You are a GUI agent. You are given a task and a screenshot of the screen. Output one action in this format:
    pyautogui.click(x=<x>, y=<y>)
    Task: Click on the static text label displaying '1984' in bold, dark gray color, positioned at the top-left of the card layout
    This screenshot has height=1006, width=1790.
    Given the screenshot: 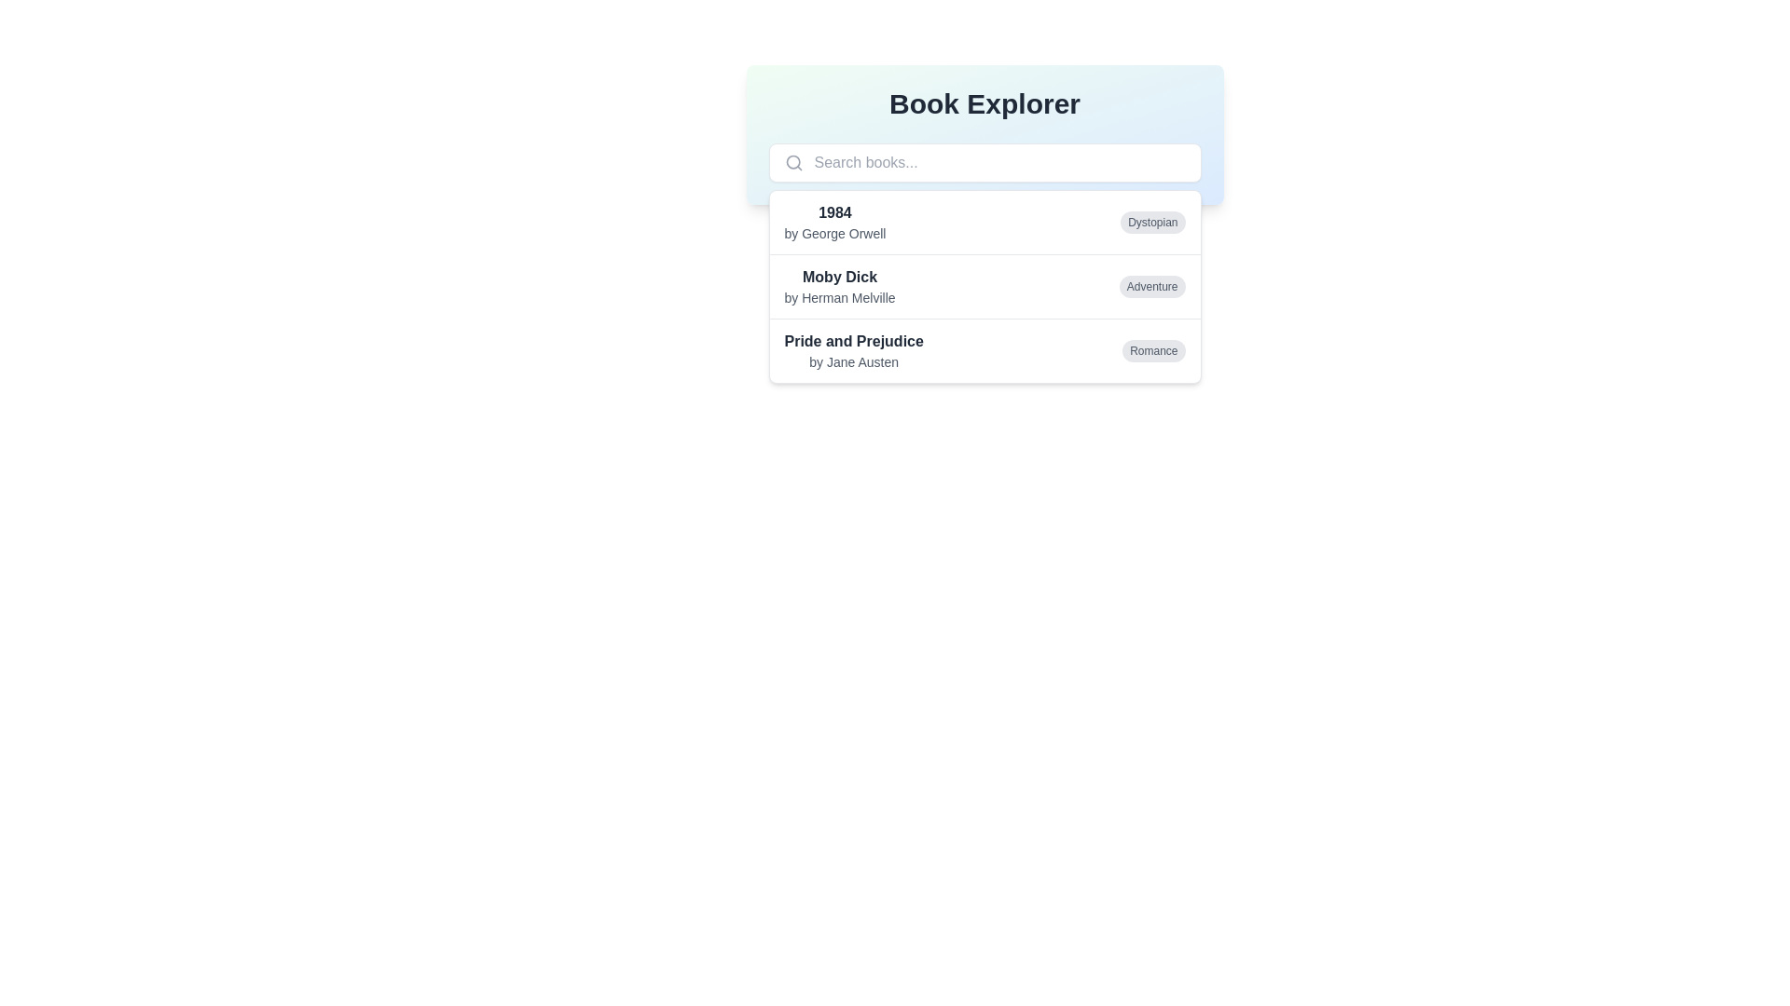 What is the action you would take?
    pyautogui.click(x=834, y=211)
    